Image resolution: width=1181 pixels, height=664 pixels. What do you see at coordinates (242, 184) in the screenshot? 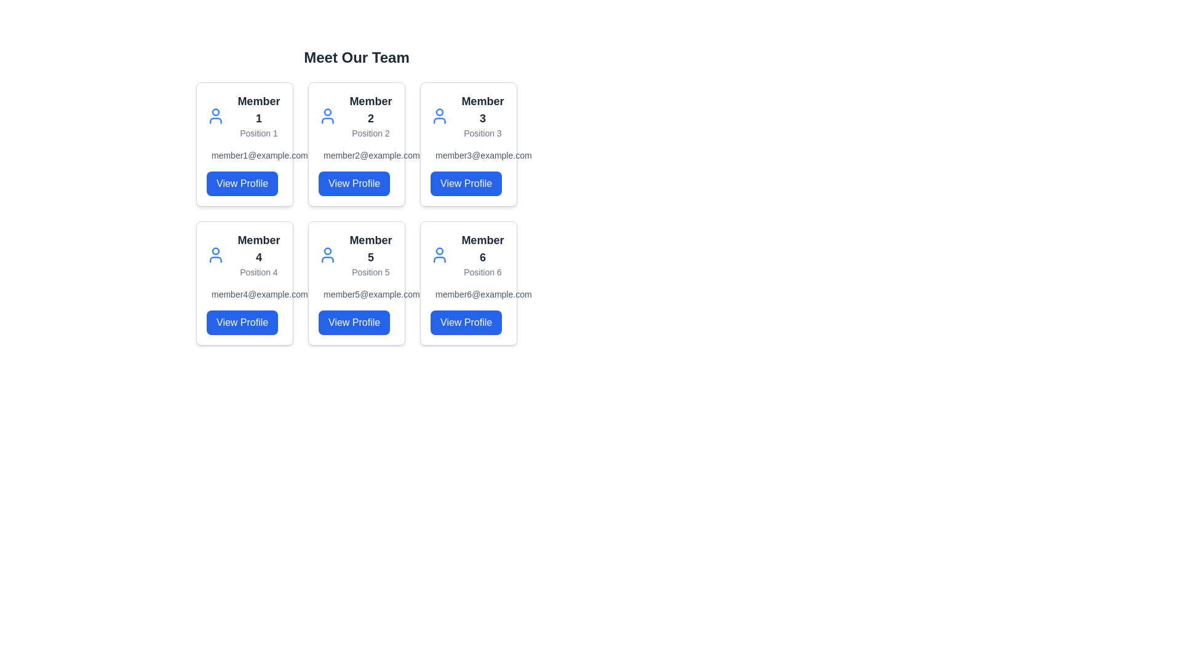
I see `the 'View Profile' button located at the bottom of 'Member 1's card to change its appearance` at bounding box center [242, 184].